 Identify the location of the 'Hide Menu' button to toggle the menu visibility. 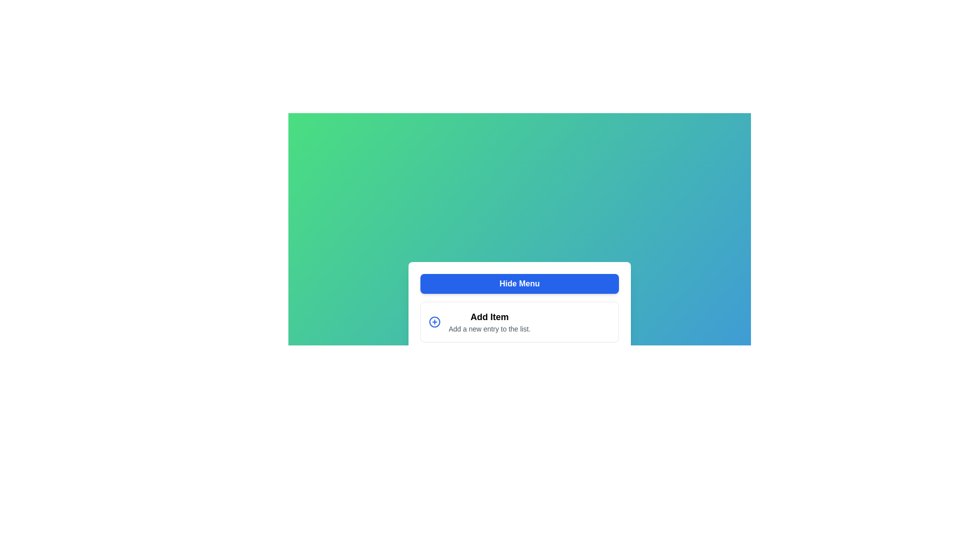
(519, 283).